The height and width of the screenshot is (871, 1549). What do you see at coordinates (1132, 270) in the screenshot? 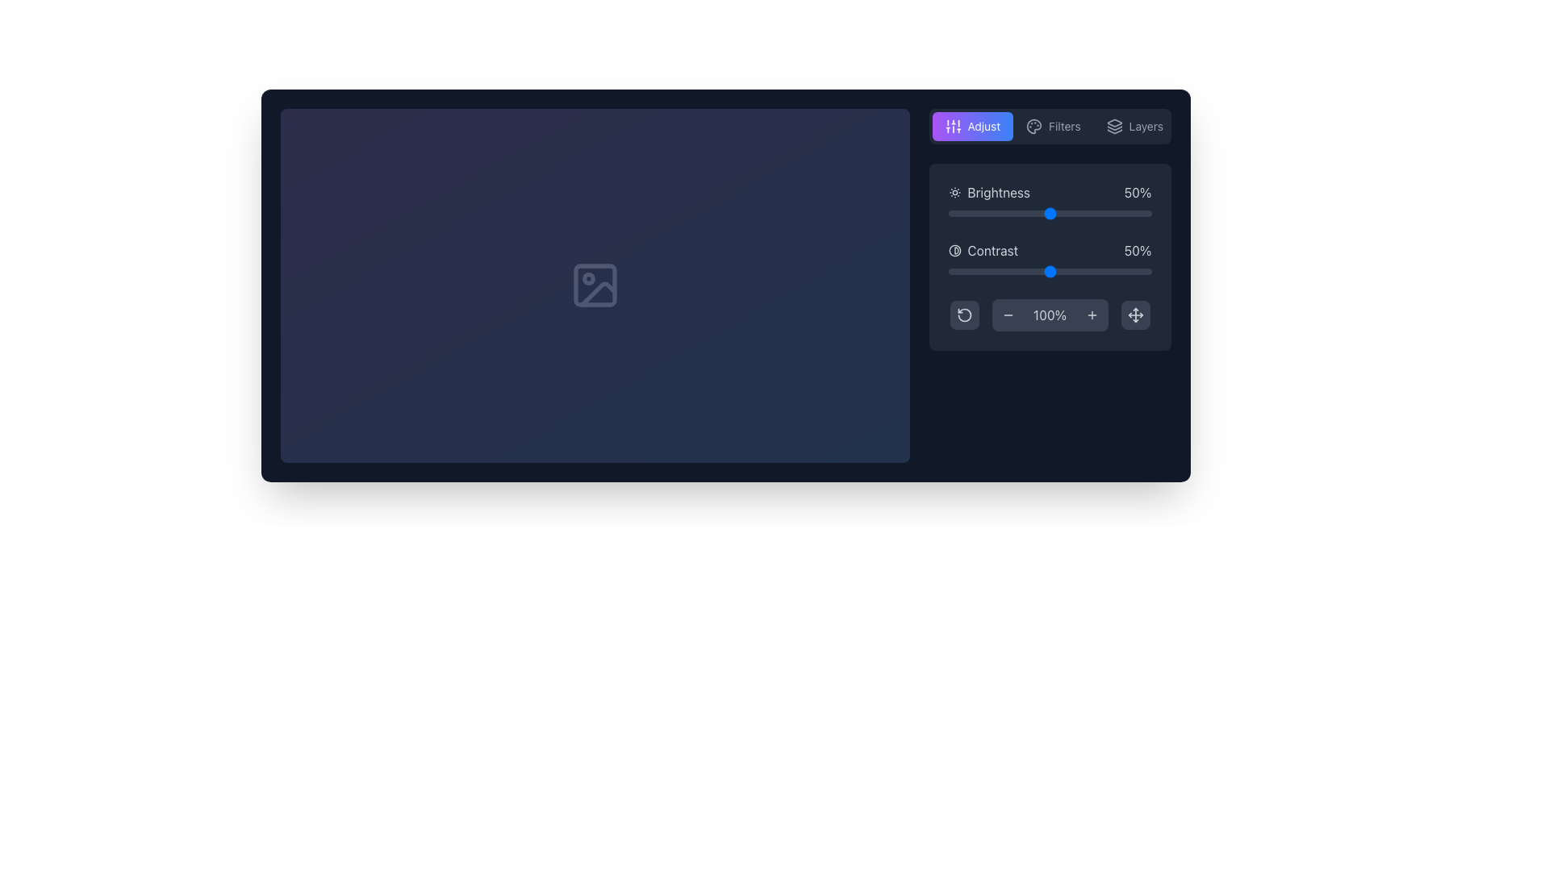
I see `the contrast` at bounding box center [1132, 270].